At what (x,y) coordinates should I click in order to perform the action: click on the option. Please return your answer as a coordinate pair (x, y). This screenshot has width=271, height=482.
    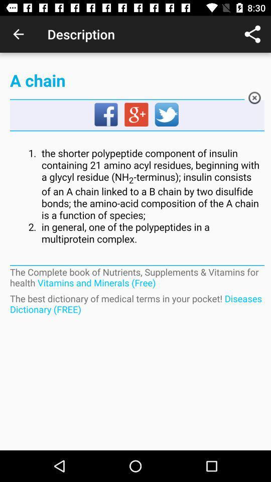
    Looking at the image, I should click on (254, 99).